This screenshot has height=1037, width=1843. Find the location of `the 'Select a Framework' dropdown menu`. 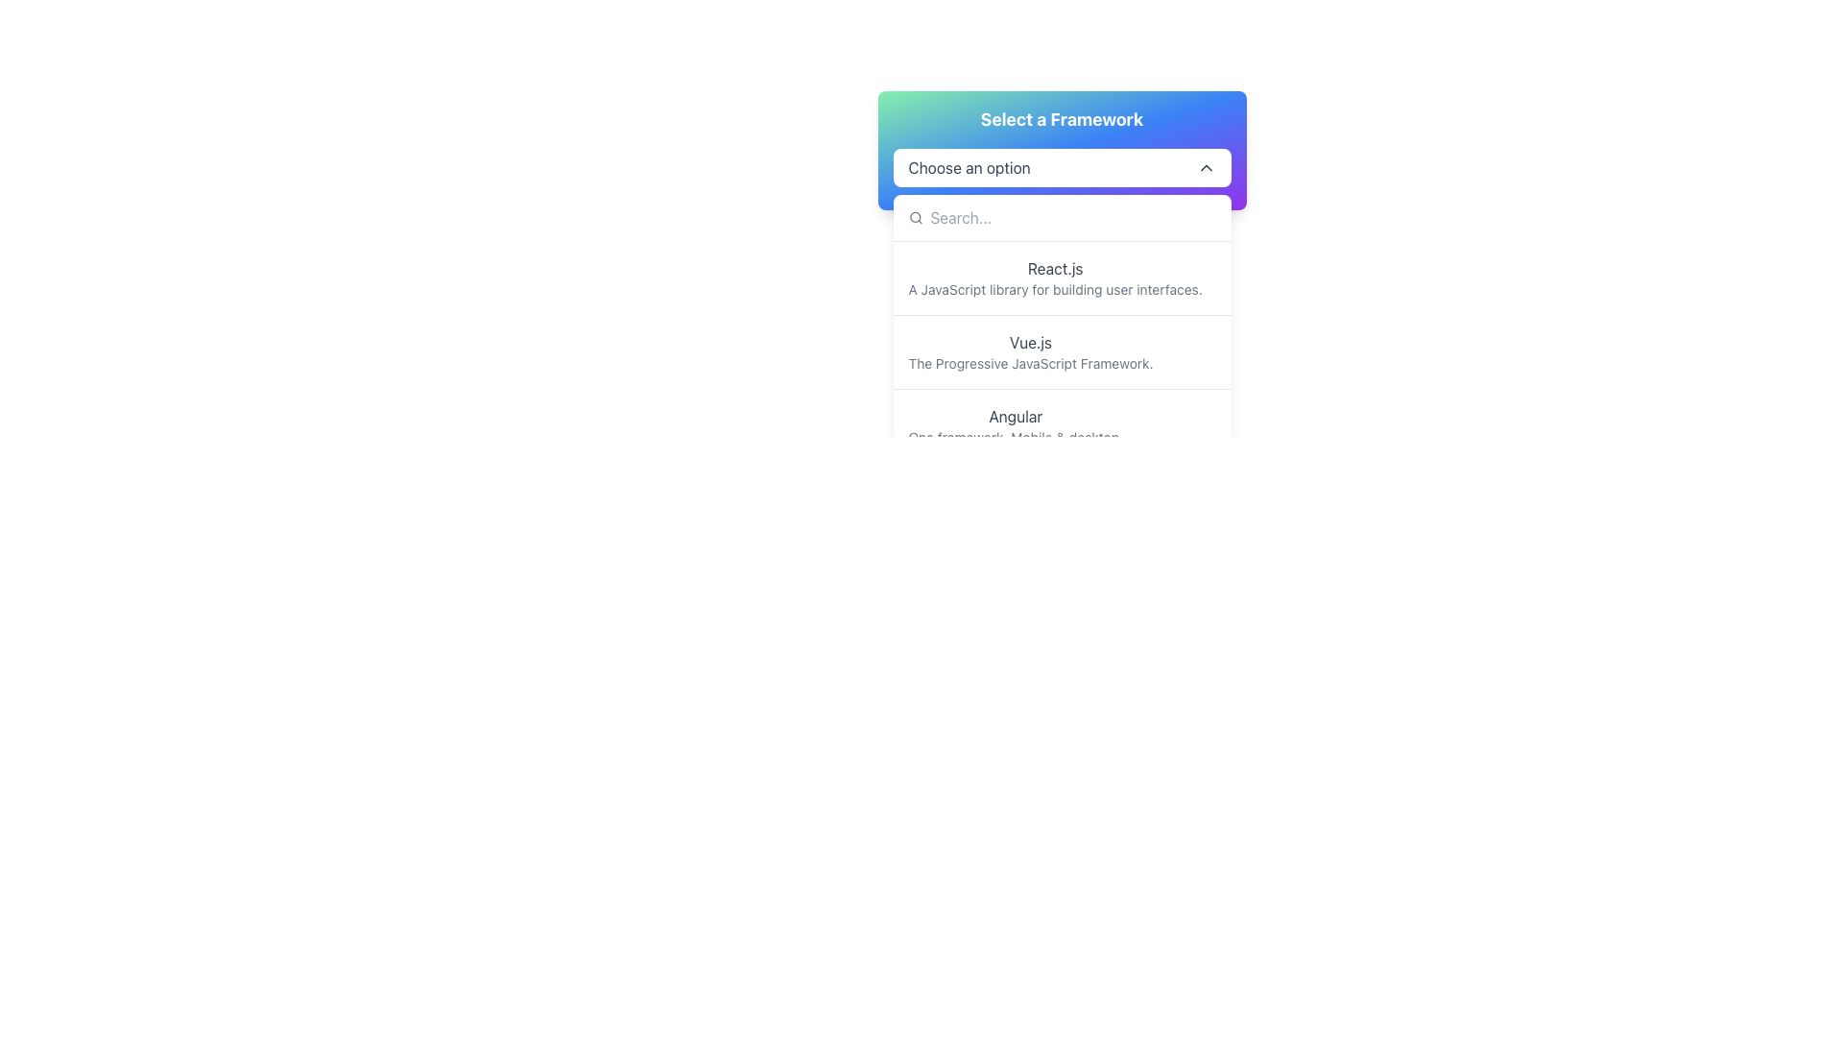

the 'Select a Framework' dropdown menu is located at coordinates (1061, 150).